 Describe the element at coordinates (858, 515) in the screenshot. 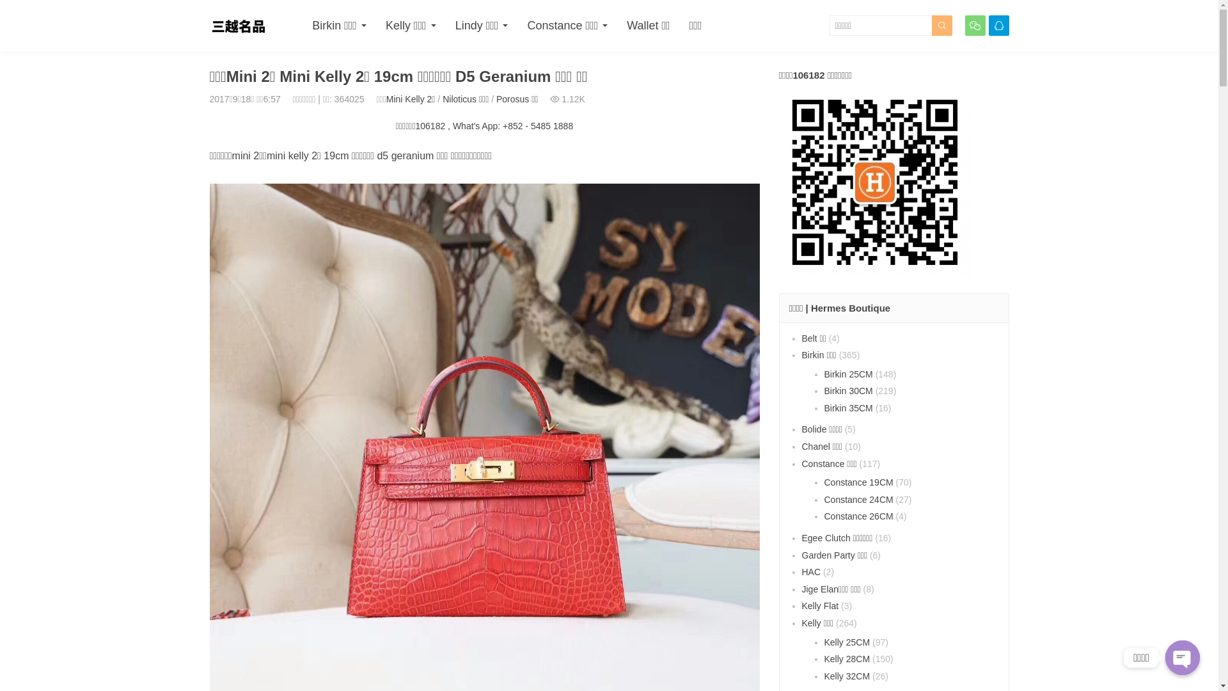

I see `'Constance 26CM'` at that location.